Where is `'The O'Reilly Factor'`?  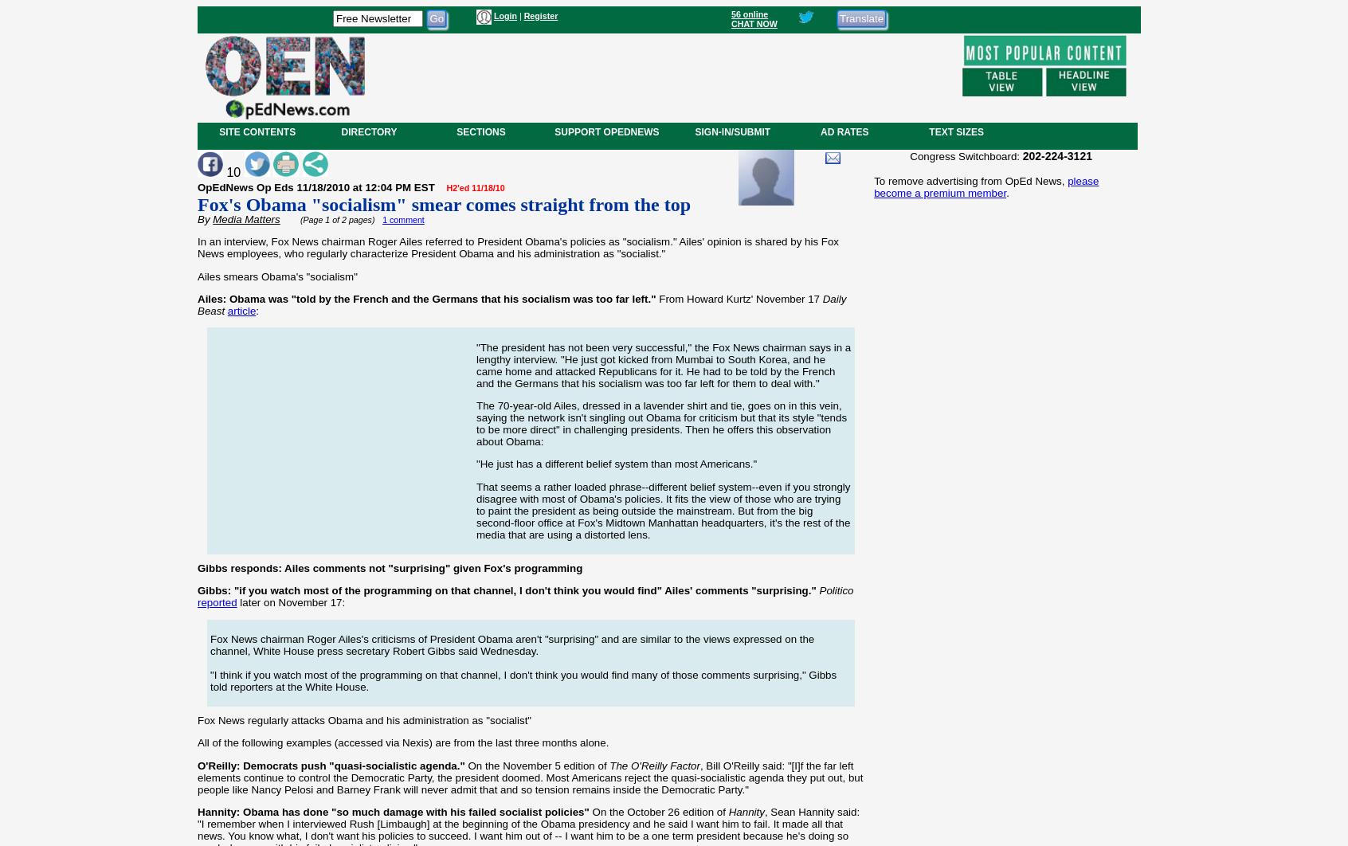 'The O'Reilly Factor' is located at coordinates (654, 764).